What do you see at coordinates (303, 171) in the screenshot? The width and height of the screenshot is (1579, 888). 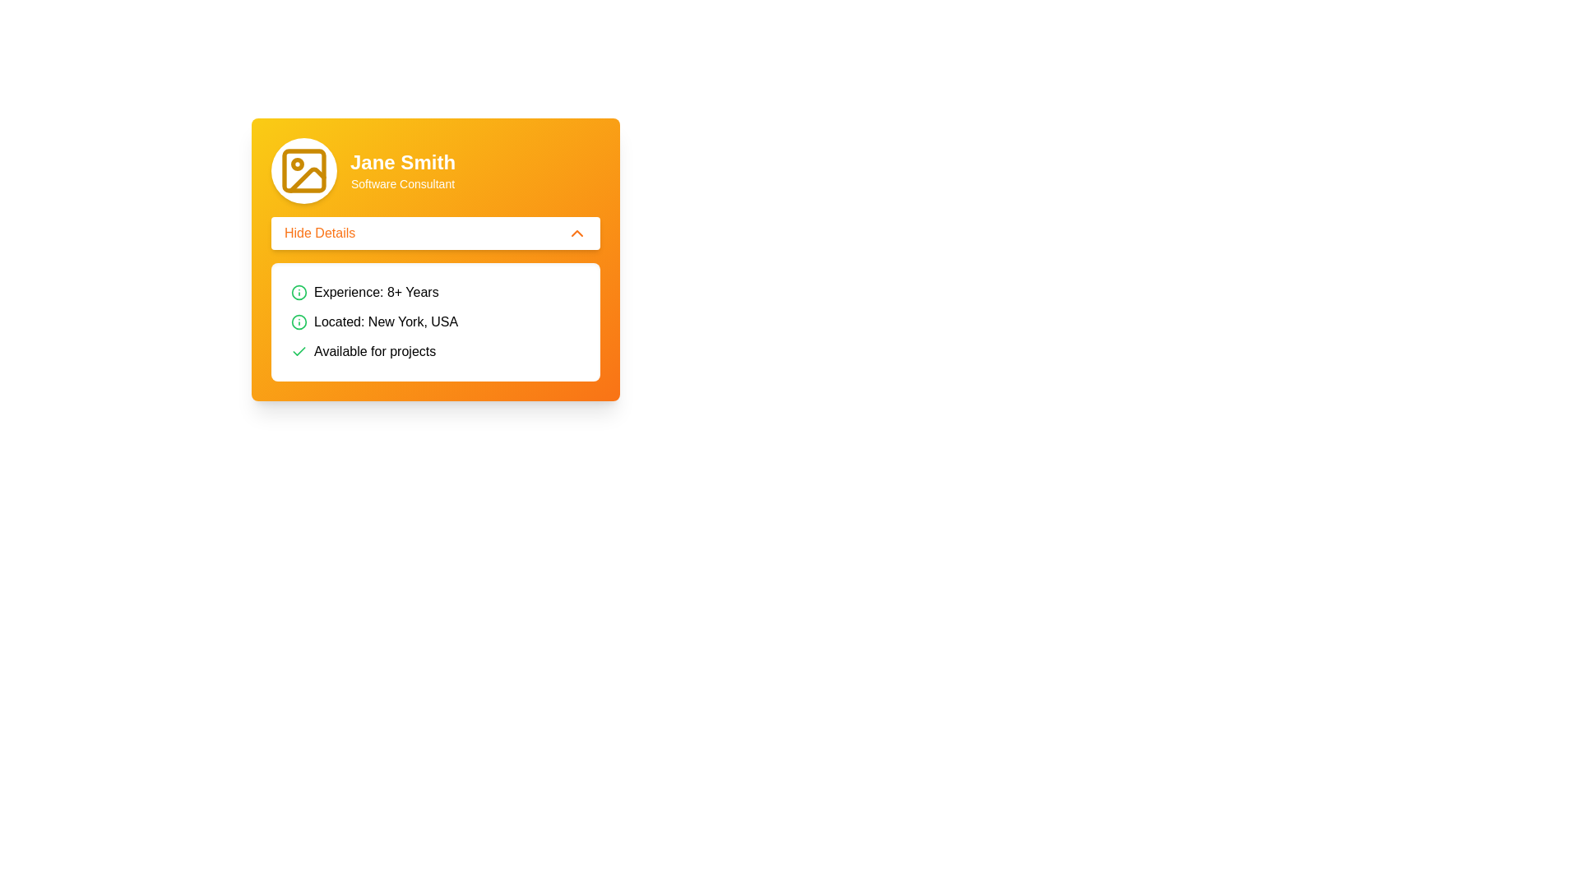 I see `the user's profile SVG Icon located at the top-left corner of the card interface, adjacent to the user's name and role information` at bounding box center [303, 171].